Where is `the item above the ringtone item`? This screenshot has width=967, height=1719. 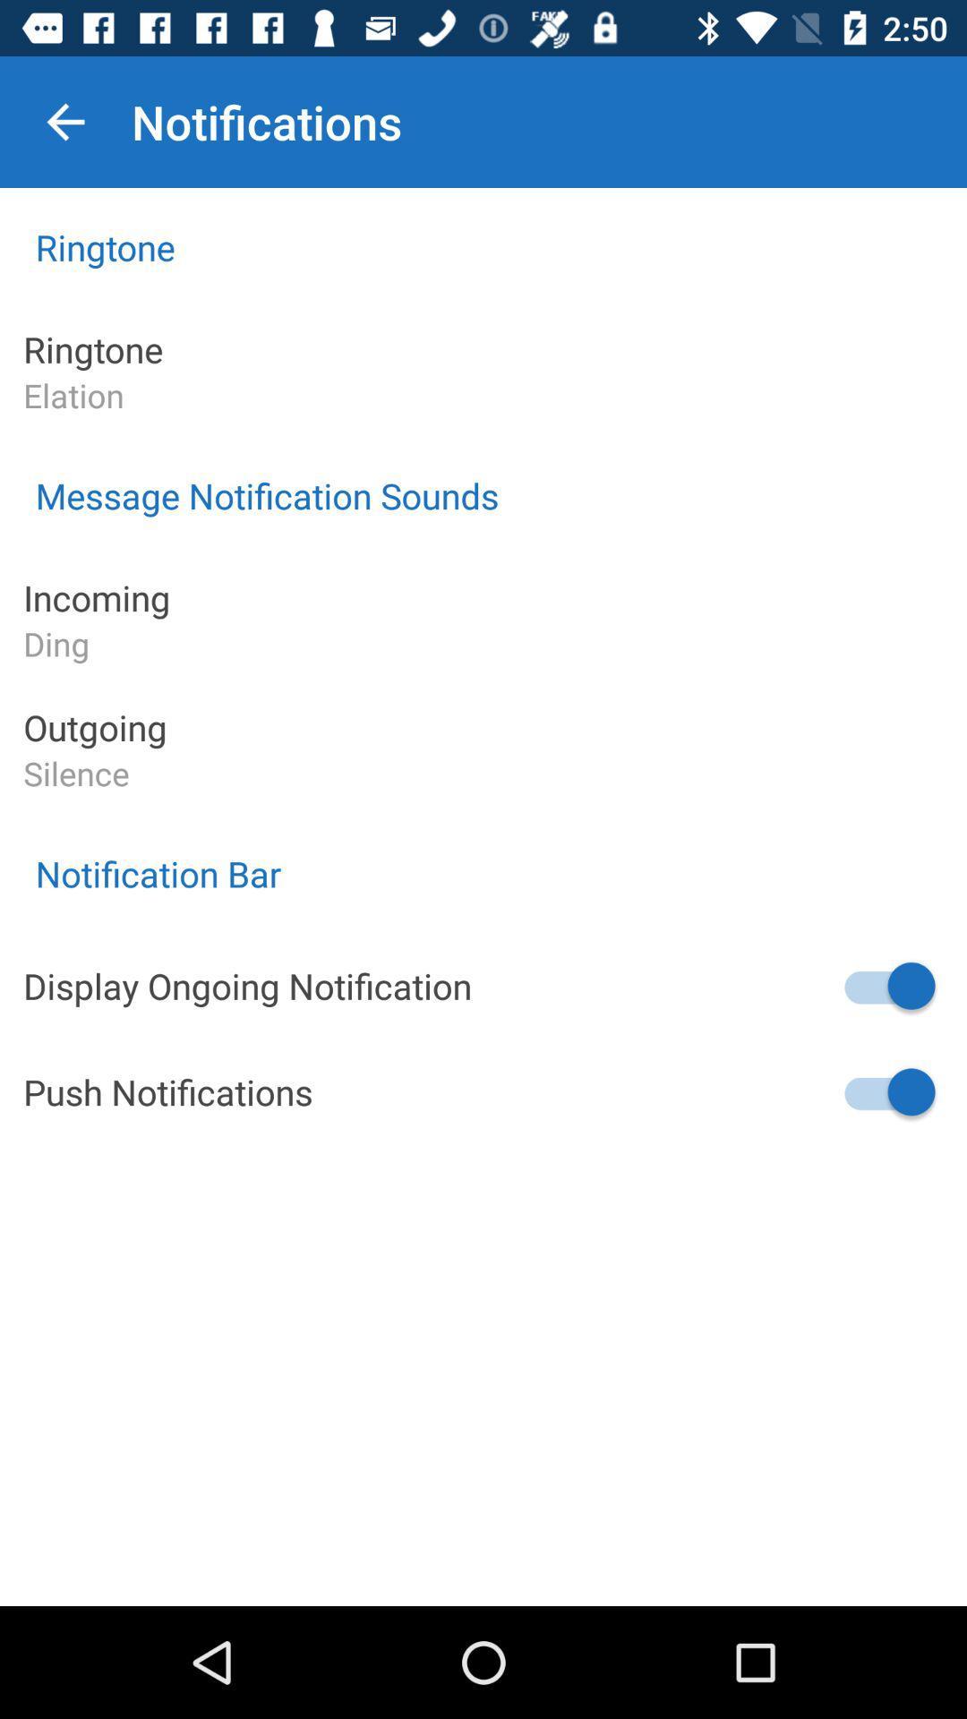
the item above the ringtone item is located at coordinates (64, 121).